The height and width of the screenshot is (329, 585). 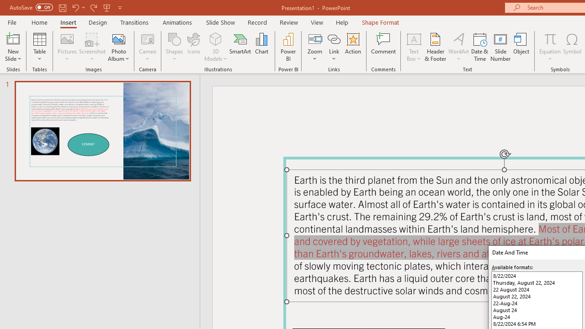 What do you see at coordinates (537, 296) in the screenshot?
I see `'August 22, 2024'` at bounding box center [537, 296].